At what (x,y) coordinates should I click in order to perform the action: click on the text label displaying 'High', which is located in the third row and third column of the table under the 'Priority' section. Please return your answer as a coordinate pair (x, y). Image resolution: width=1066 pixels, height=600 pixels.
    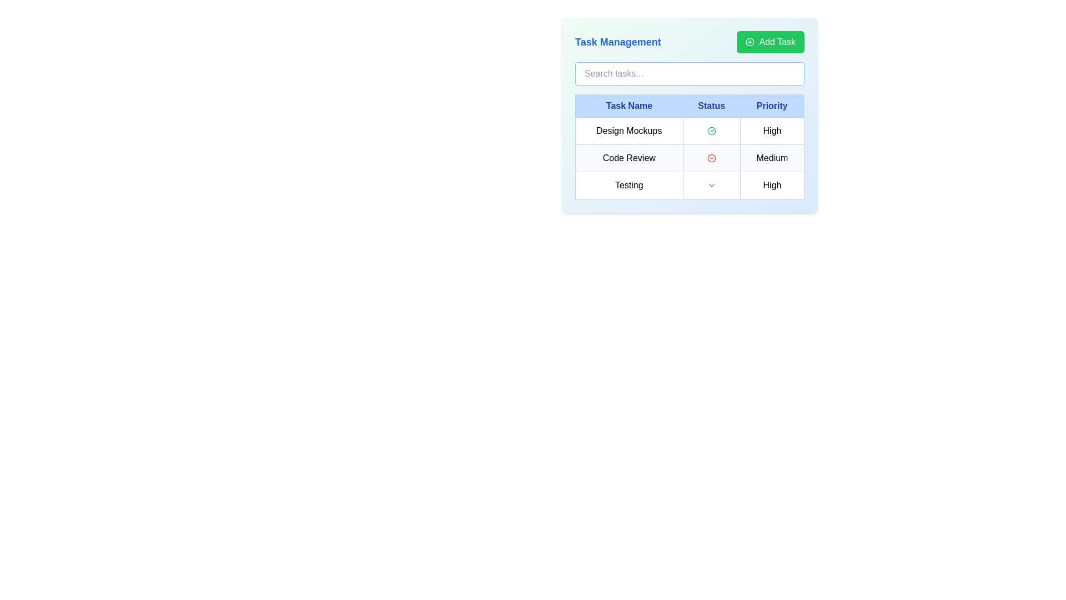
    Looking at the image, I should click on (772, 185).